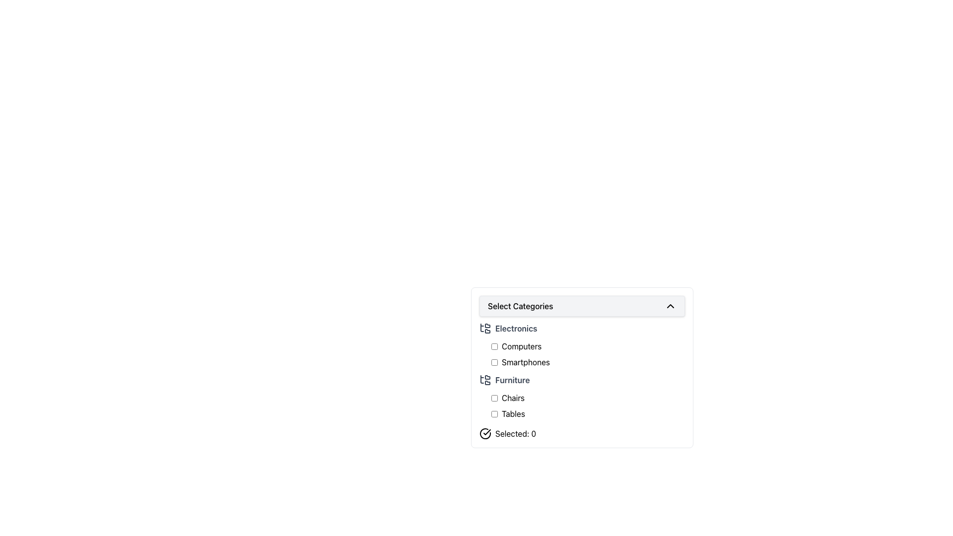  Describe the element at coordinates (582, 380) in the screenshot. I see `the checkboxes in the 'Select Categories' element` at that location.